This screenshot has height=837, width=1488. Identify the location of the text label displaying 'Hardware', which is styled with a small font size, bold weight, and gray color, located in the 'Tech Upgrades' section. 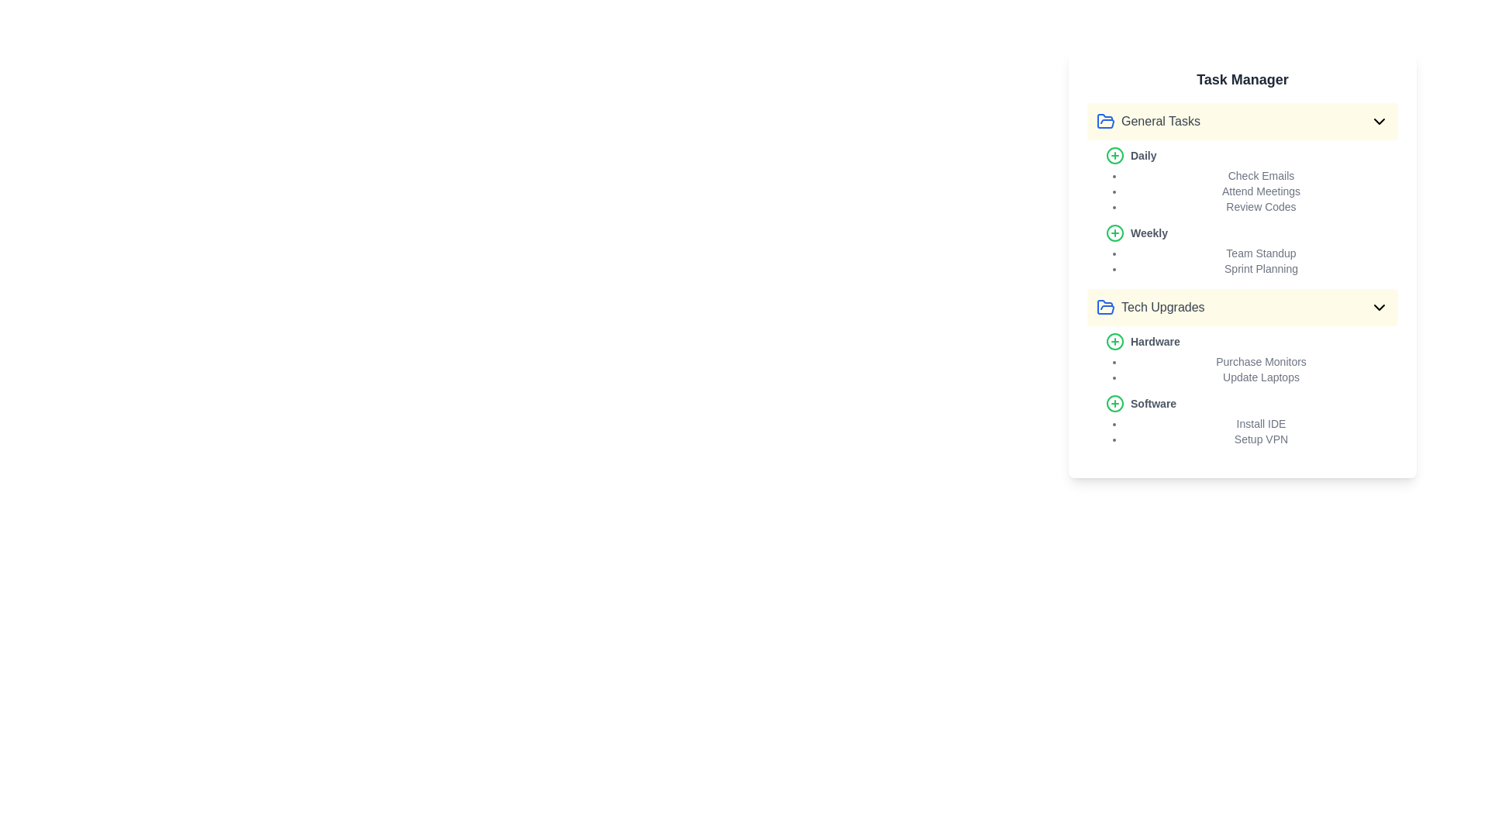
(1155, 340).